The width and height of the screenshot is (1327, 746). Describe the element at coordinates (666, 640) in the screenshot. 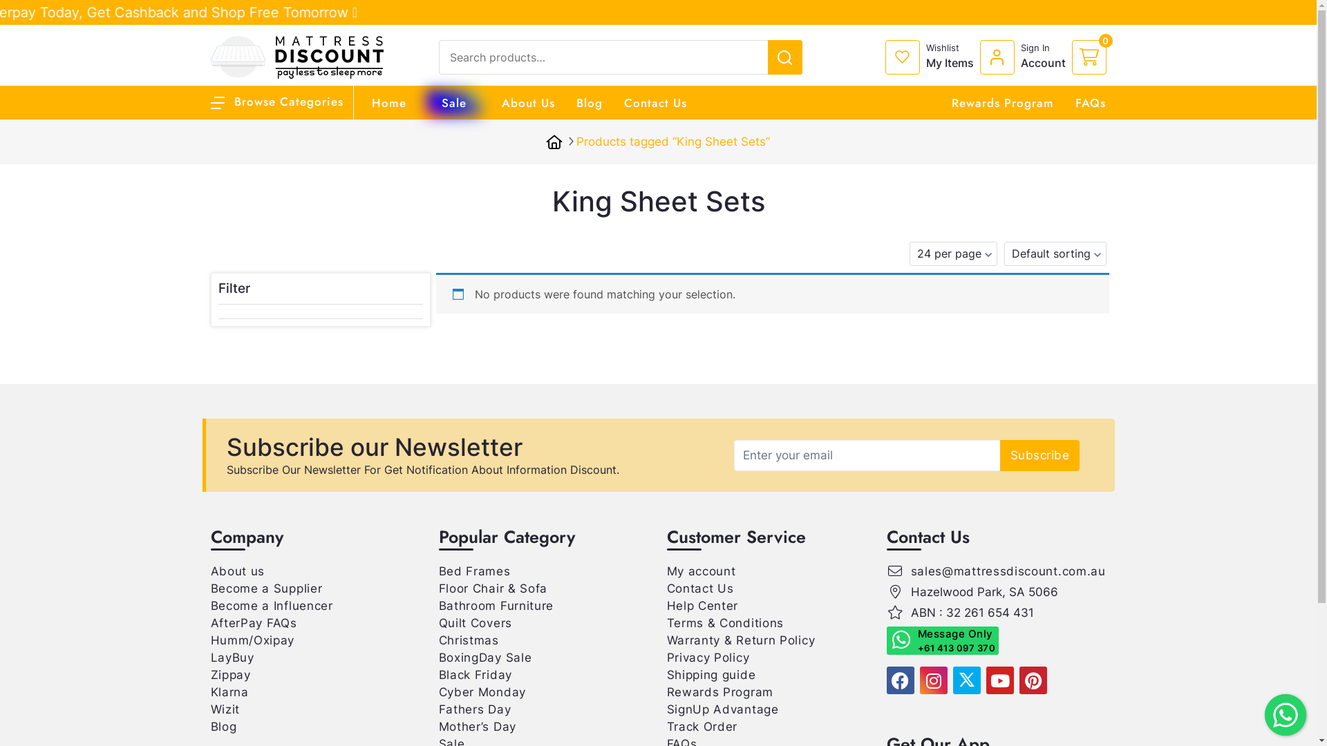

I see `'Warranty & Return Policy'` at that location.